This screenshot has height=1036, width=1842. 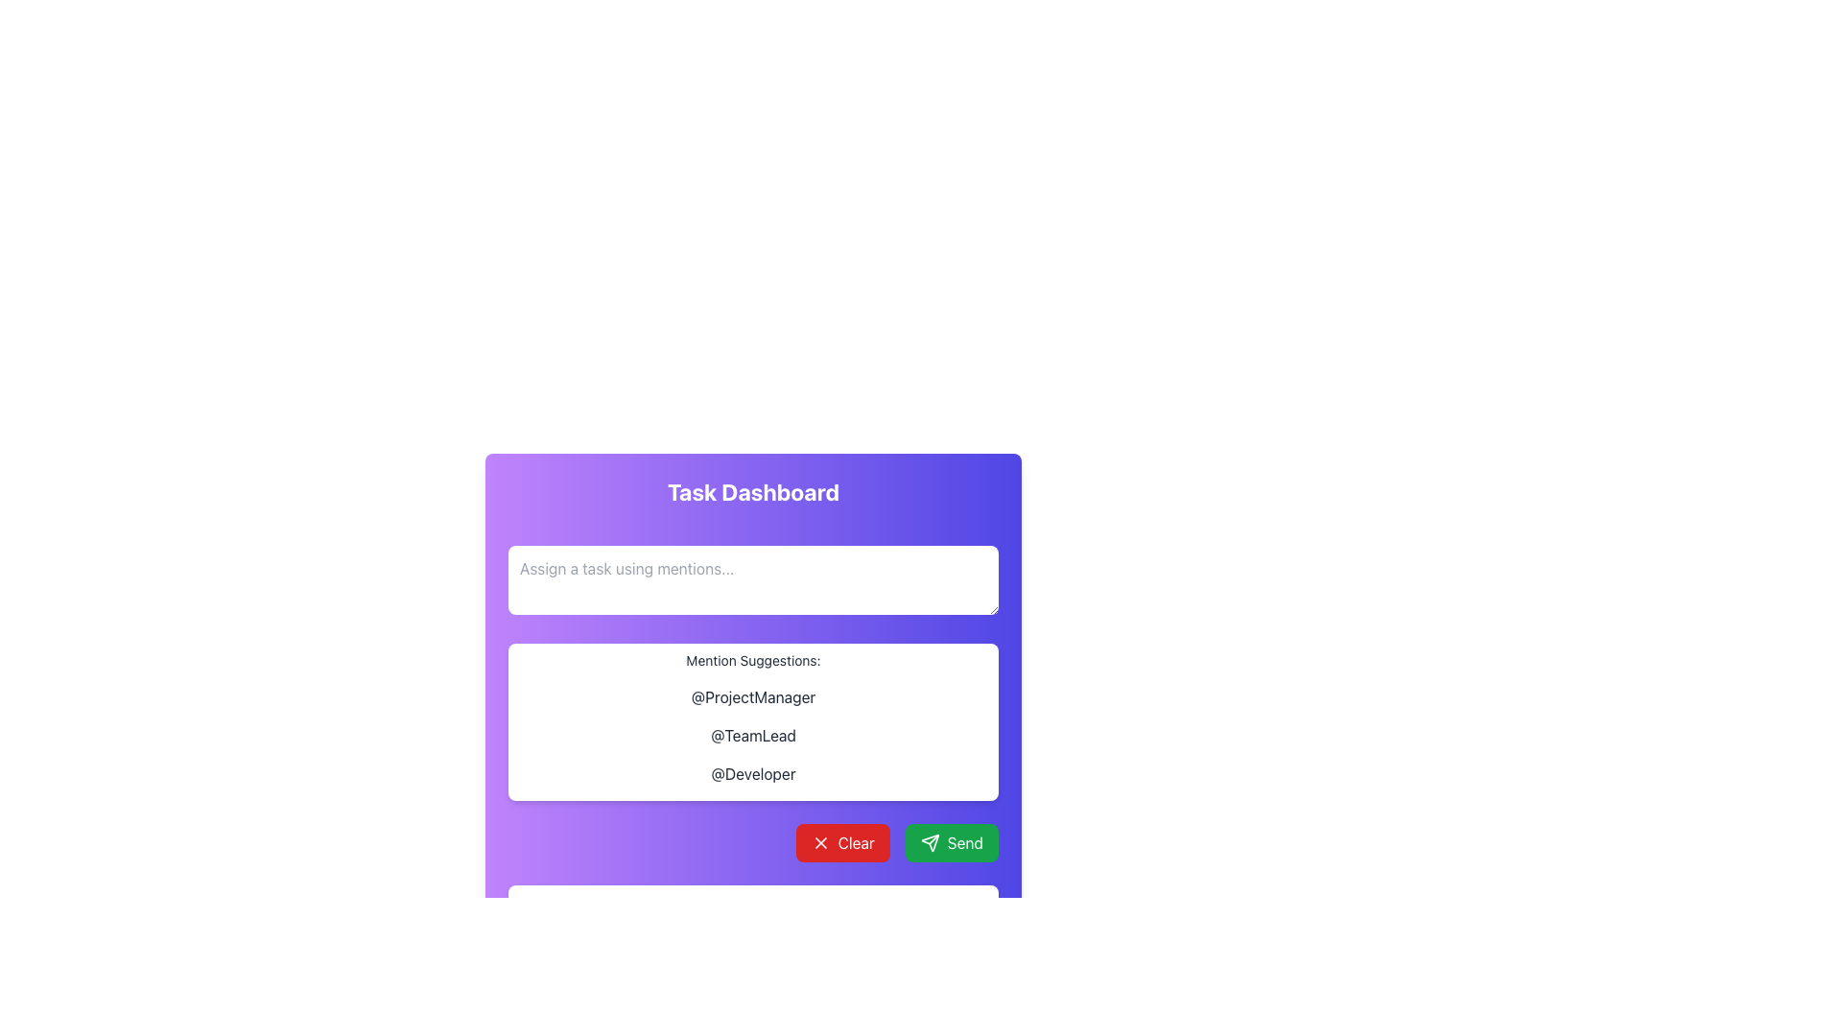 What do you see at coordinates (752, 735) in the screenshot?
I see `the selectable text label '@TeamLead' in the 'Mention Suggestions' dropdown panel` at bounding box center [752, 735].